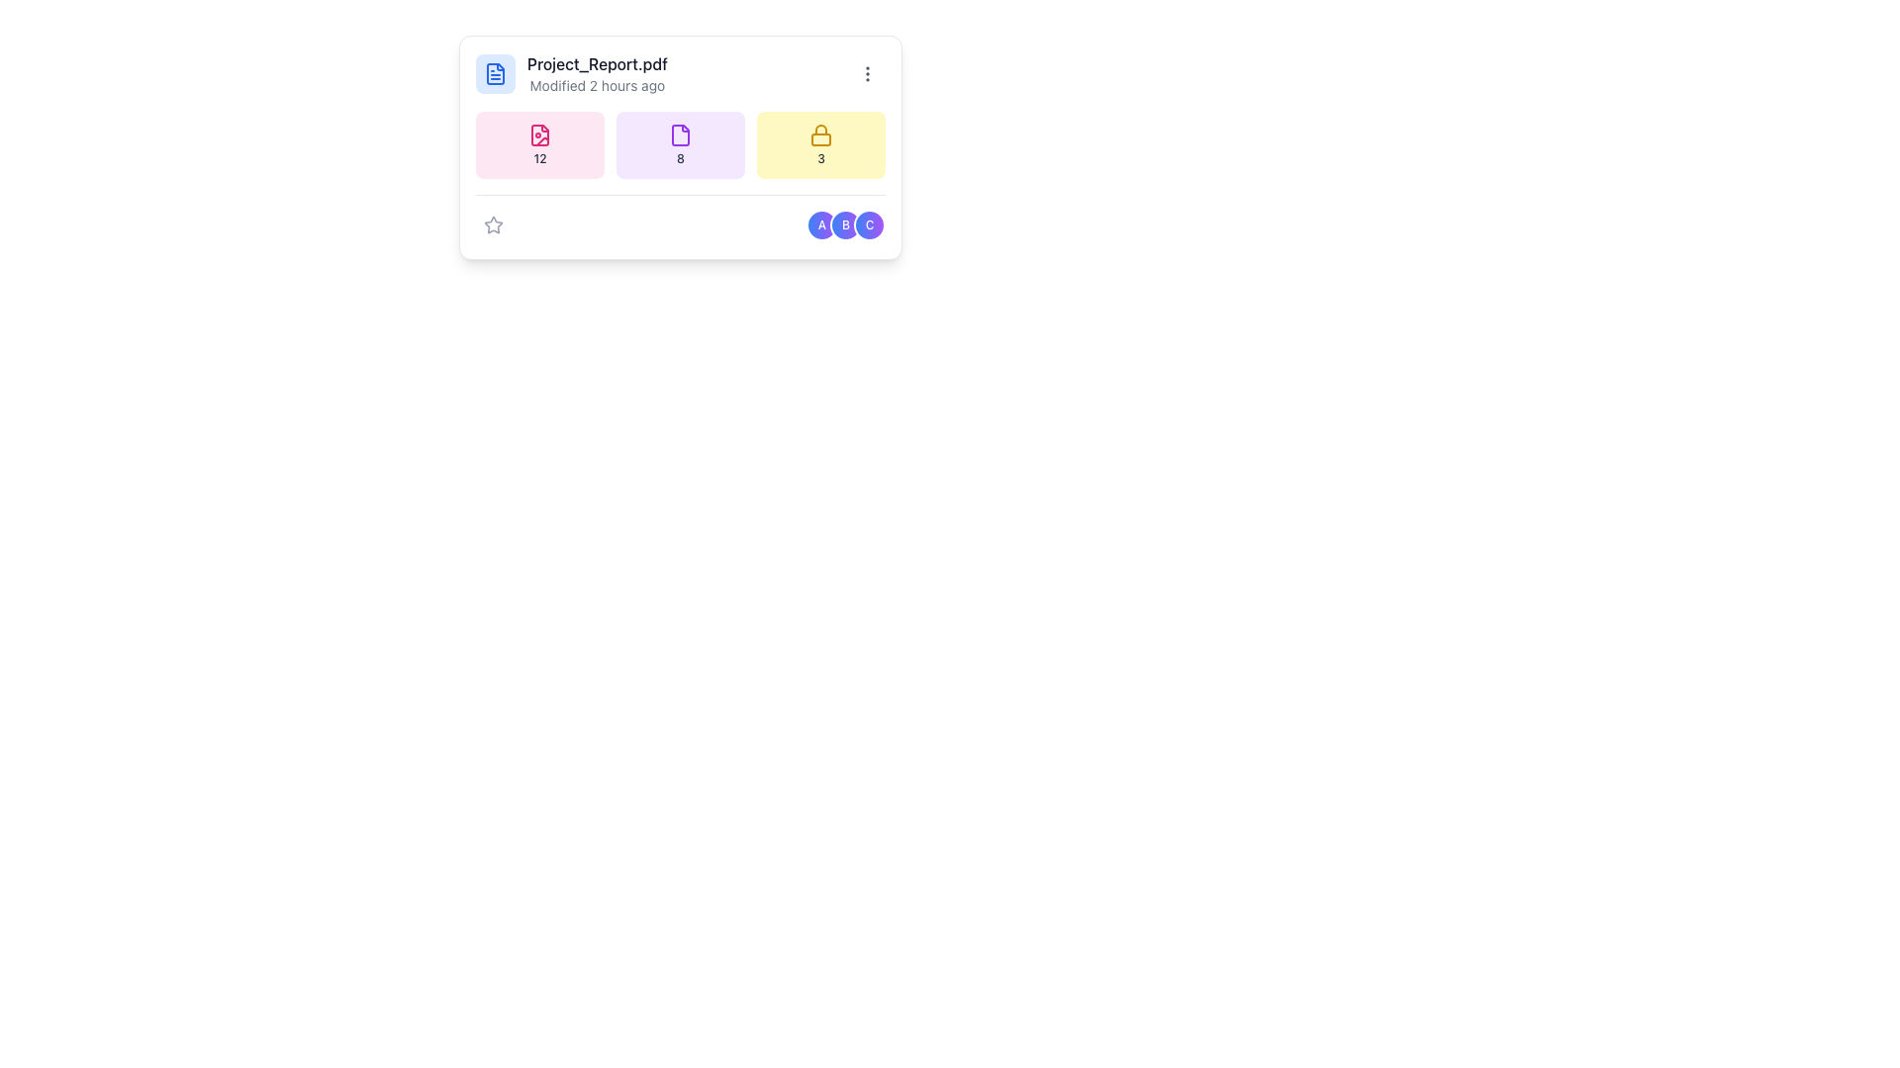 The image size is (1900, 1068). Describe the element at coordinates (869, 223) in the screenshot. I see `the circular badge labeled 'C' located at the bottom right corner of the file preview card` at that location.